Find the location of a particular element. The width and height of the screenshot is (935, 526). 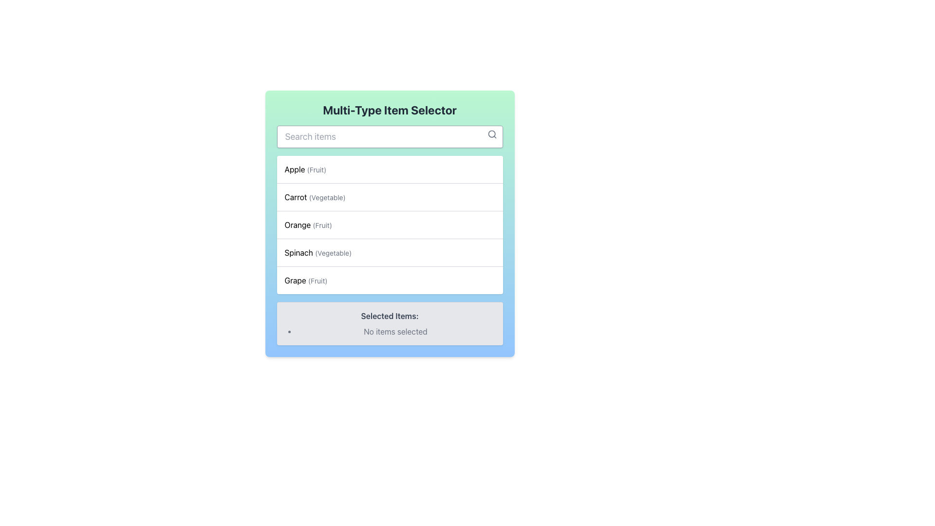

the selectable list item labeled 'Spinach (Vegetable)' is located at coordinates (390, 252).